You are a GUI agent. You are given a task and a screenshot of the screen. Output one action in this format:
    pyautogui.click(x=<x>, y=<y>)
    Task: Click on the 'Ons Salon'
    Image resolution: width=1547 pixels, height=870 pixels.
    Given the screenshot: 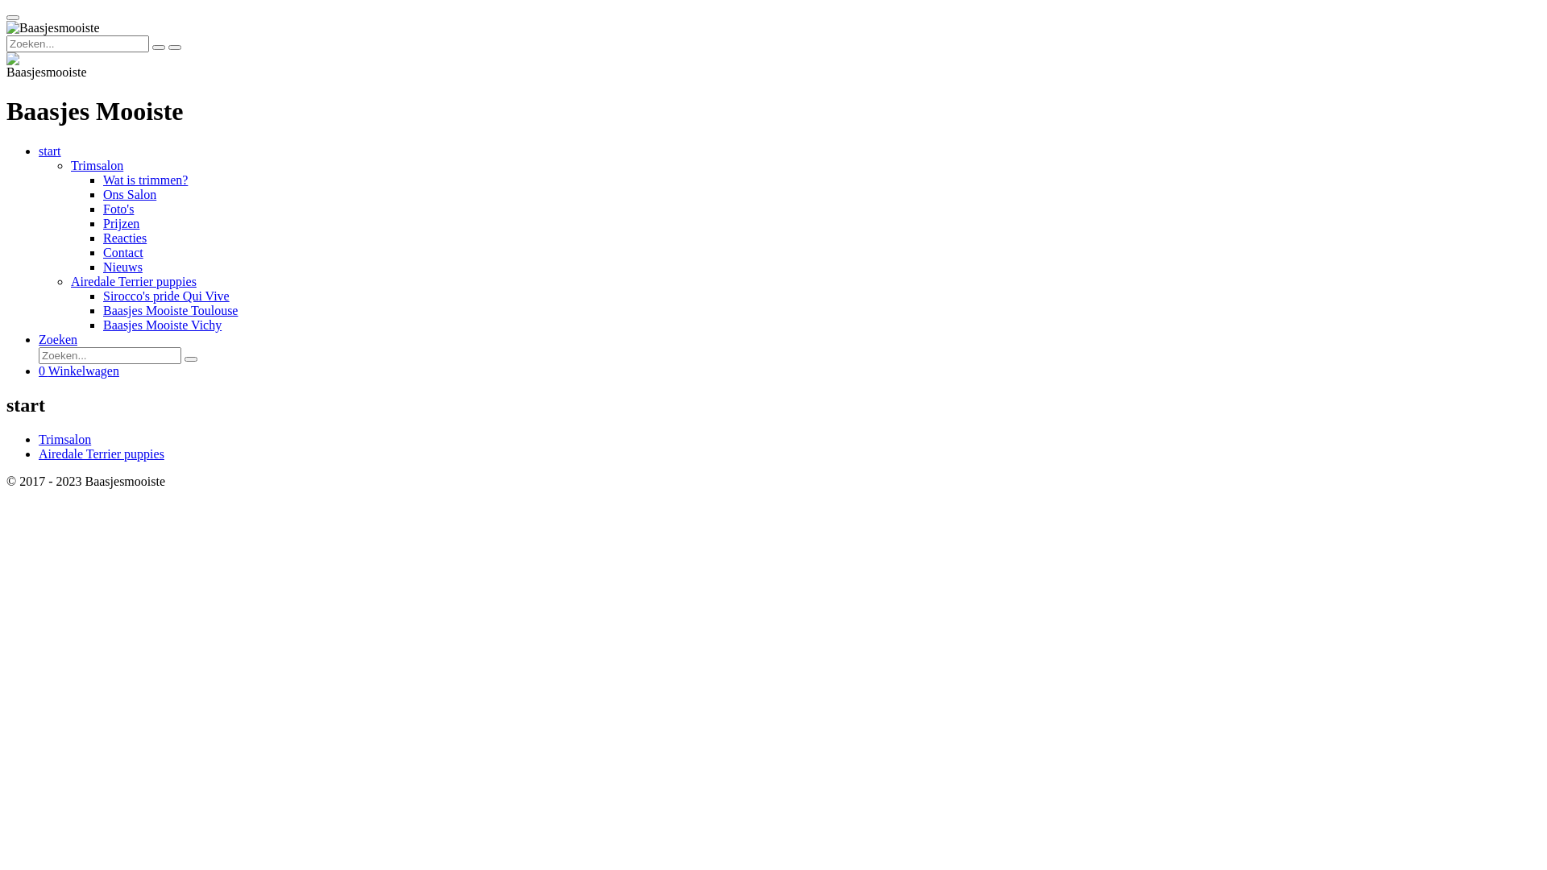 What is the action you would take?
    pyautogui.click(x=130, y=193)
    